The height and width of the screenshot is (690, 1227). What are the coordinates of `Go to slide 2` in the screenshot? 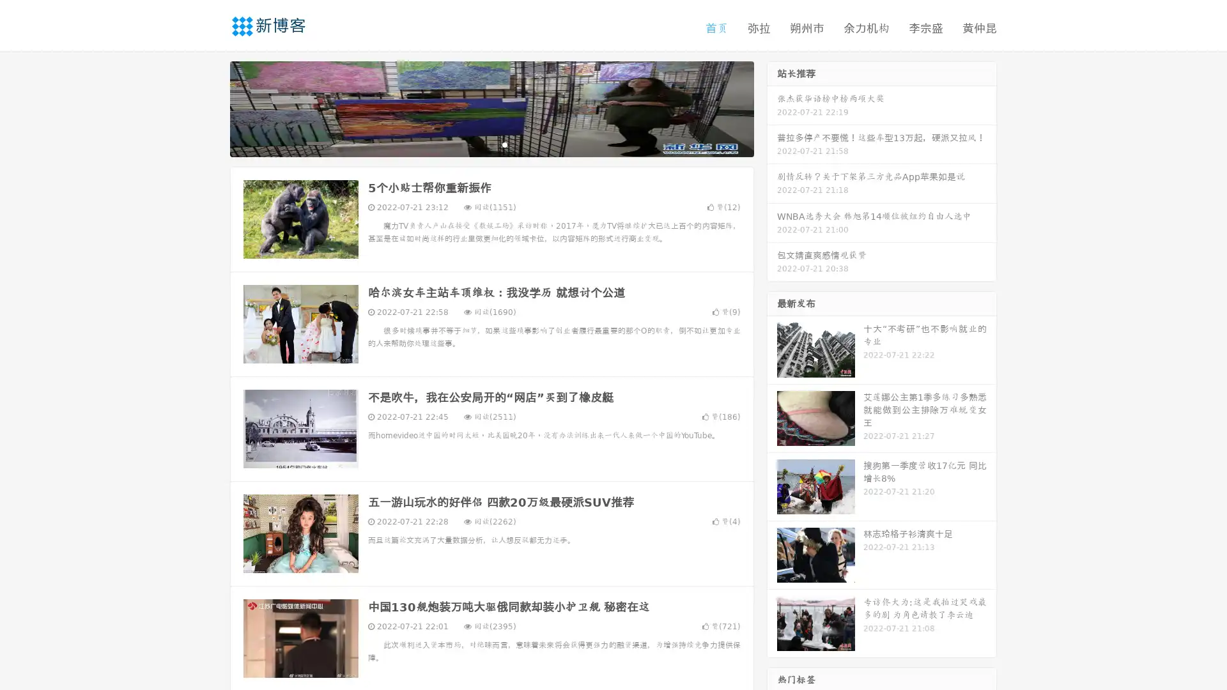 It's located at (491, 144).